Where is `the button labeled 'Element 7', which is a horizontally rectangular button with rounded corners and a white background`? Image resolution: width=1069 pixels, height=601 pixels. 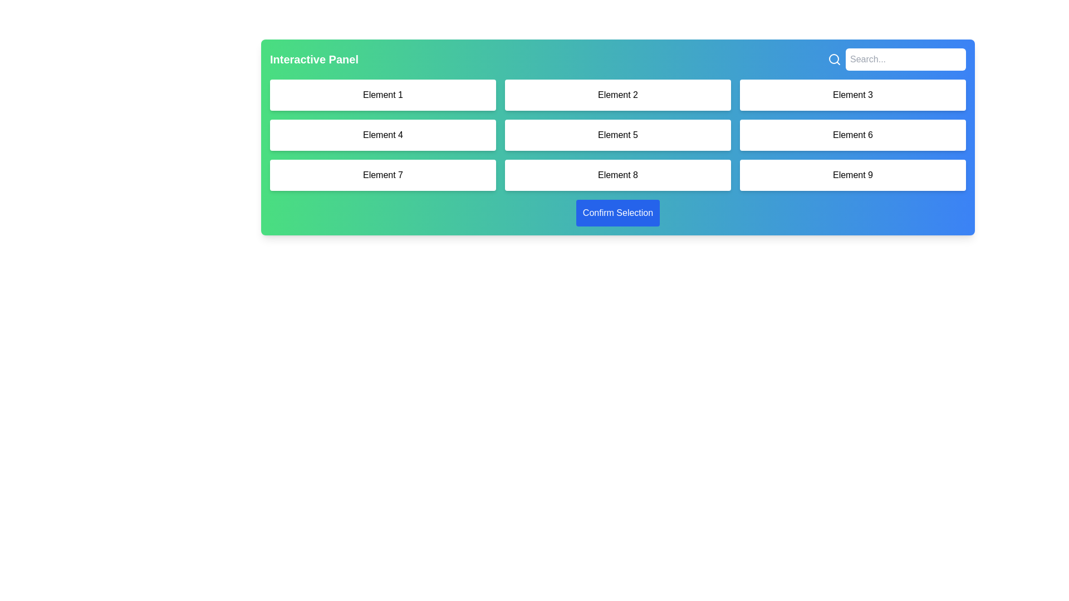 the button labeled 'Element 7', which is a horizontally rectangular button with rounded corners and a white background is located at coordinates (383, 175).